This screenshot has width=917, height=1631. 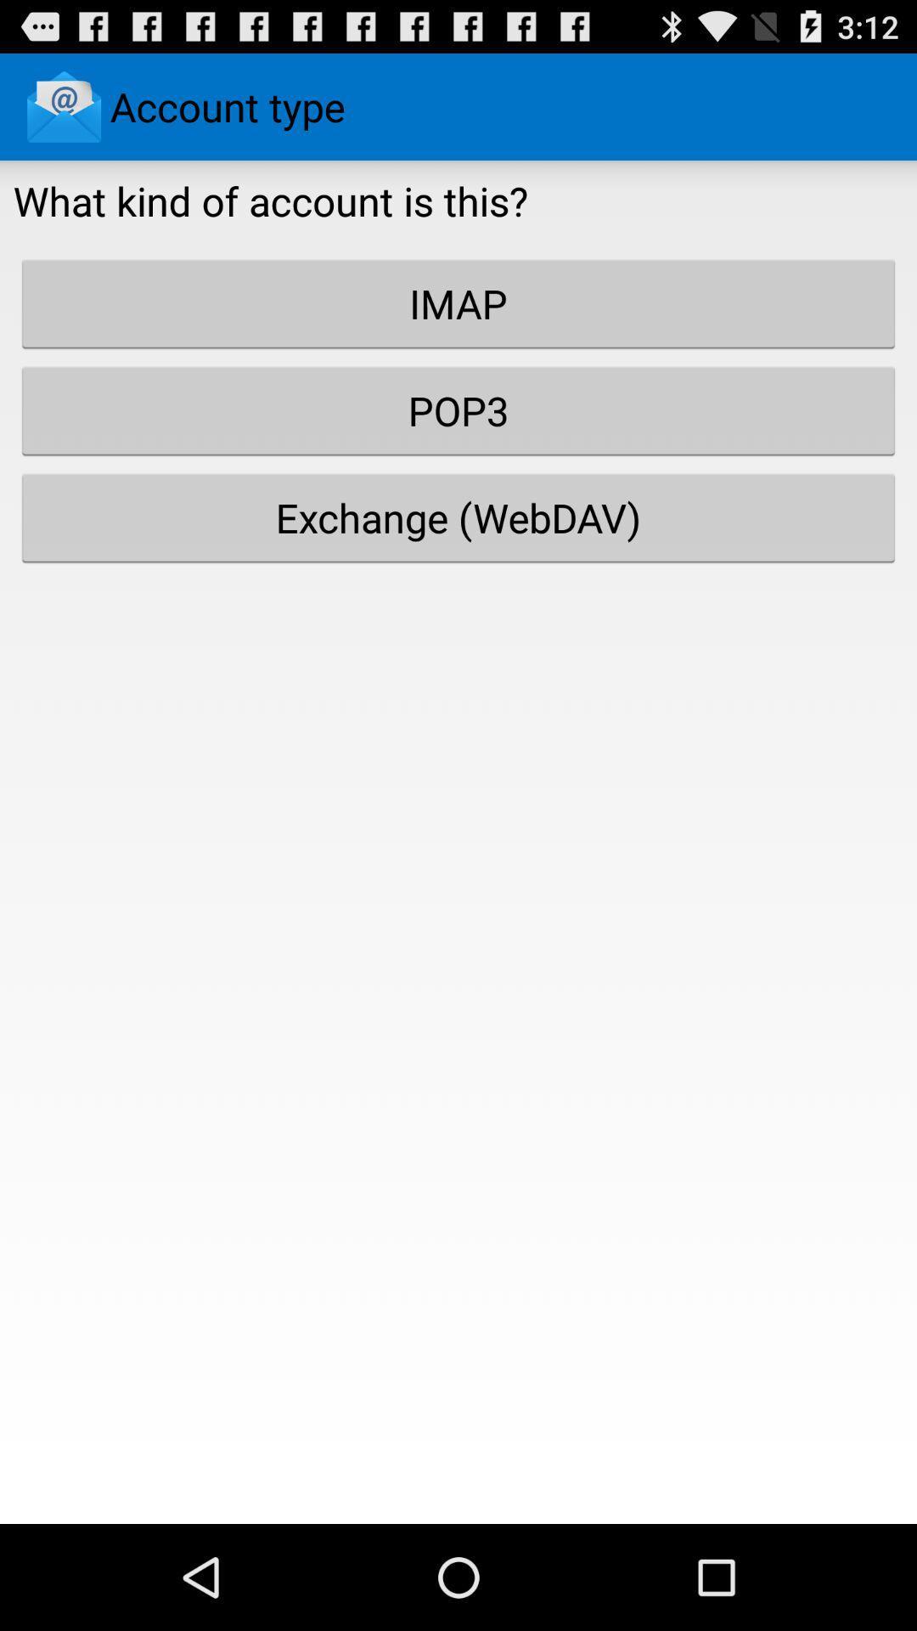 I want to click on exchange (webdav) icon, so click(x=458, y=516).